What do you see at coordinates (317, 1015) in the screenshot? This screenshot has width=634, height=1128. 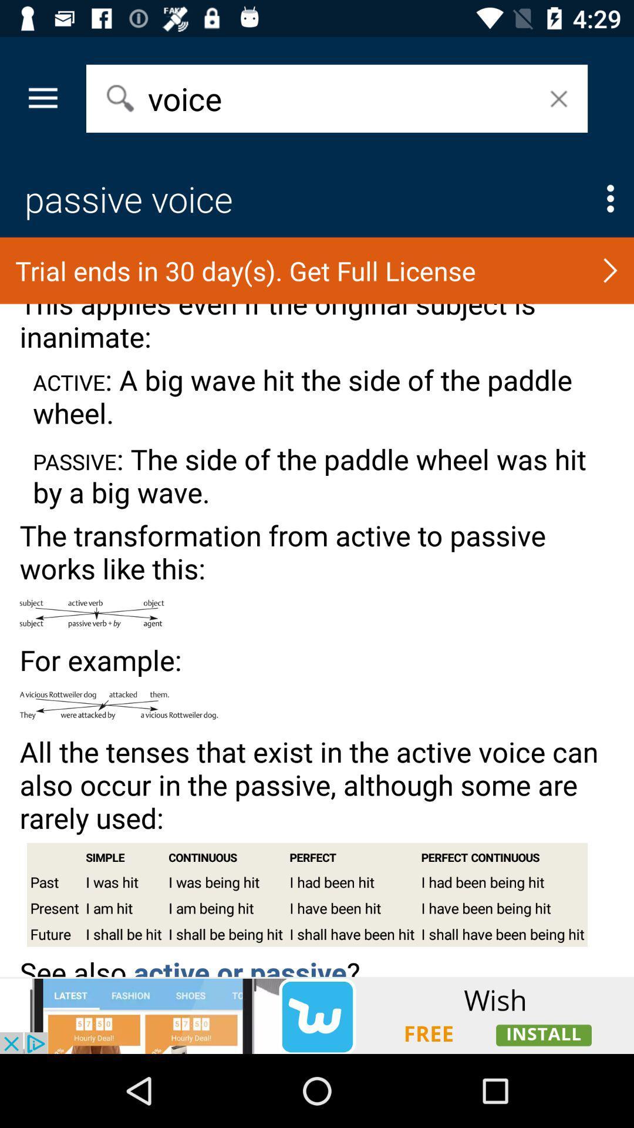 I see `add link` at bounding box center [317, 1015].